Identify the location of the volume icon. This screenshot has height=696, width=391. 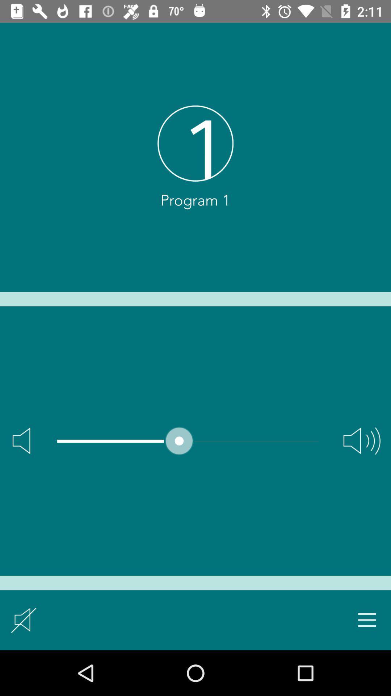
(23, 620).